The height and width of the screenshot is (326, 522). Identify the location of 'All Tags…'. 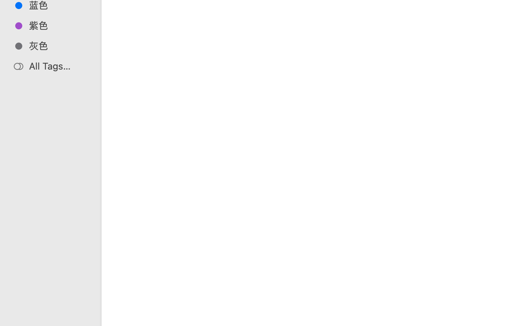
(58, 66).